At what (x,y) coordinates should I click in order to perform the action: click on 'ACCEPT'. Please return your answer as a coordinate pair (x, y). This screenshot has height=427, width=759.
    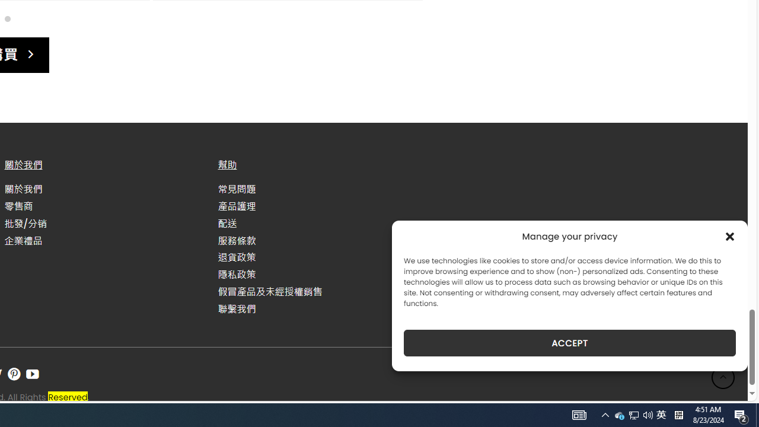
    Looking at the image, I should click on (570, 343).